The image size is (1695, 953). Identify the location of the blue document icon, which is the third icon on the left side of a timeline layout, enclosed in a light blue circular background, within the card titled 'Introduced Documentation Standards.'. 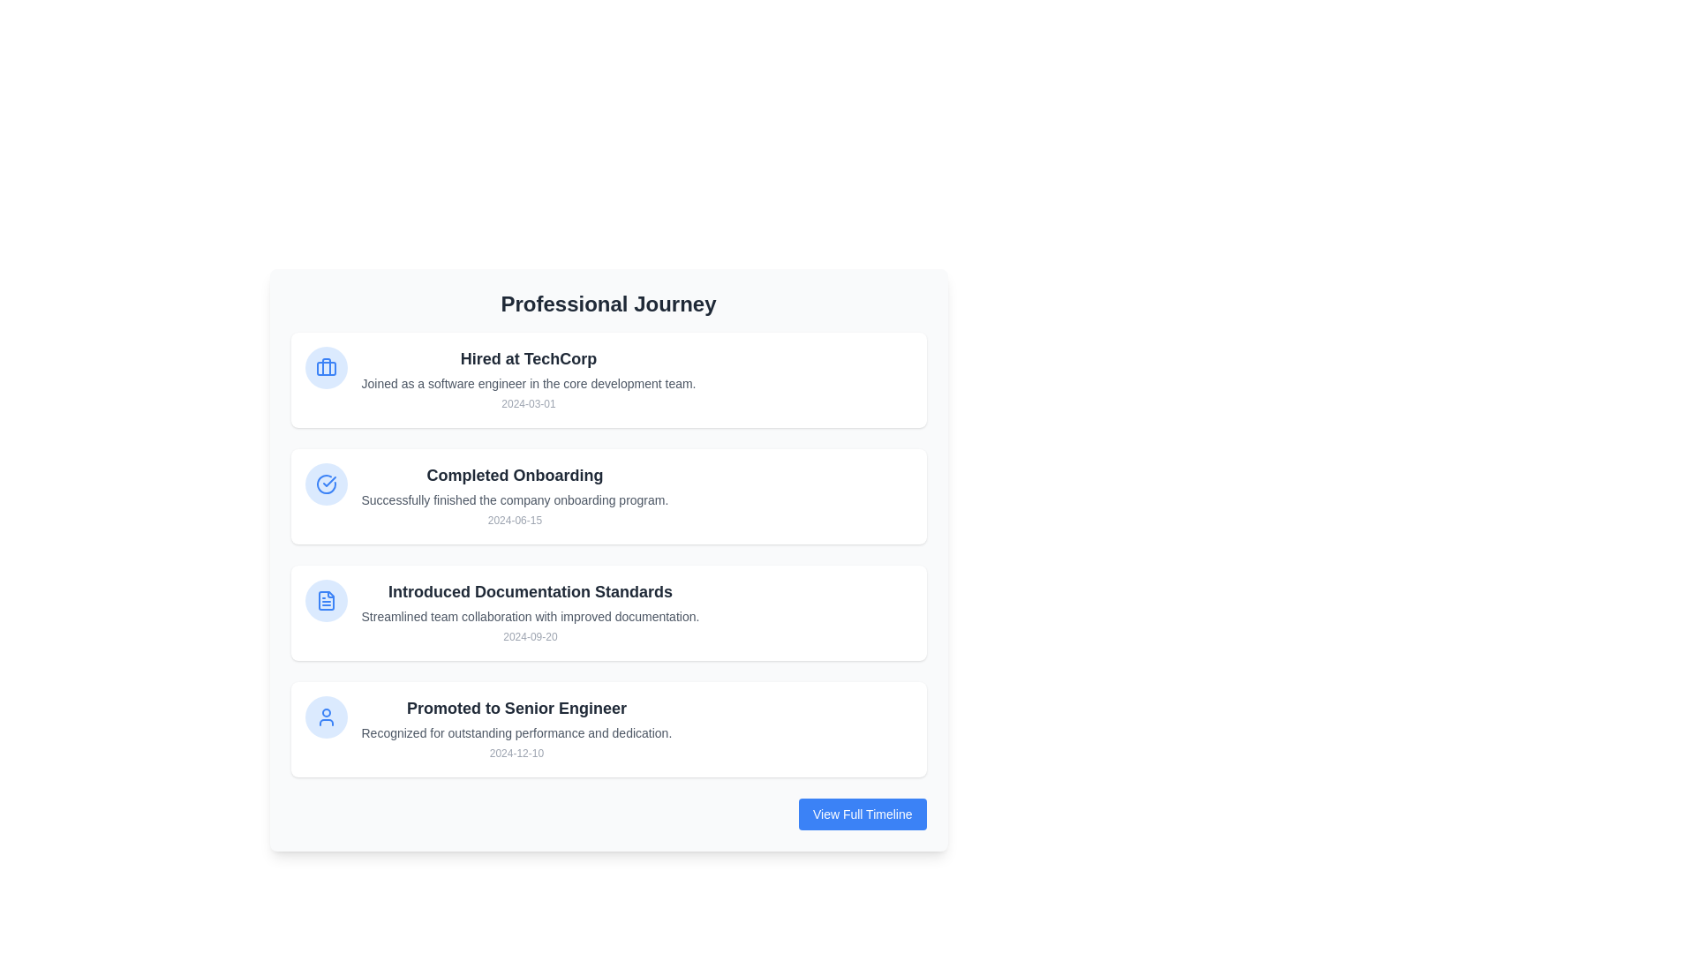
(326, 600).